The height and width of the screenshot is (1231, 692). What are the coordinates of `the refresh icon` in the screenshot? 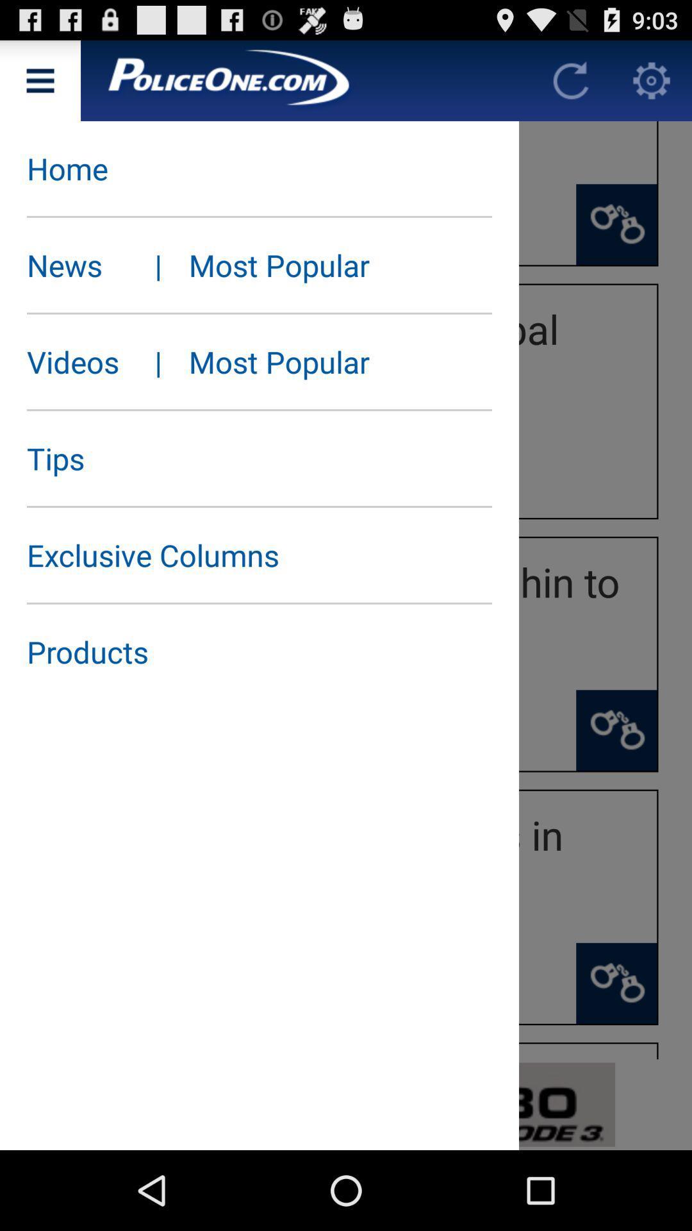 It's located at (570, 85).